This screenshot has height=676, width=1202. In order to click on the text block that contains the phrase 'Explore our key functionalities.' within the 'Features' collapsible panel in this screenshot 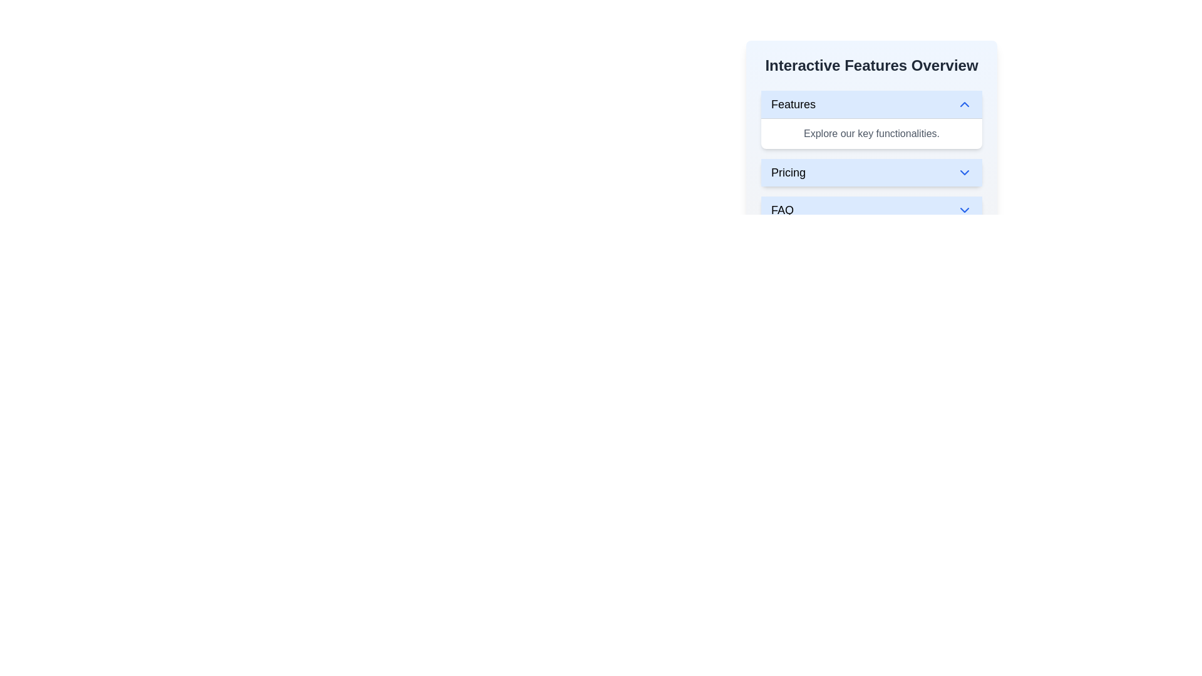, I will do `click(871, 133)`.